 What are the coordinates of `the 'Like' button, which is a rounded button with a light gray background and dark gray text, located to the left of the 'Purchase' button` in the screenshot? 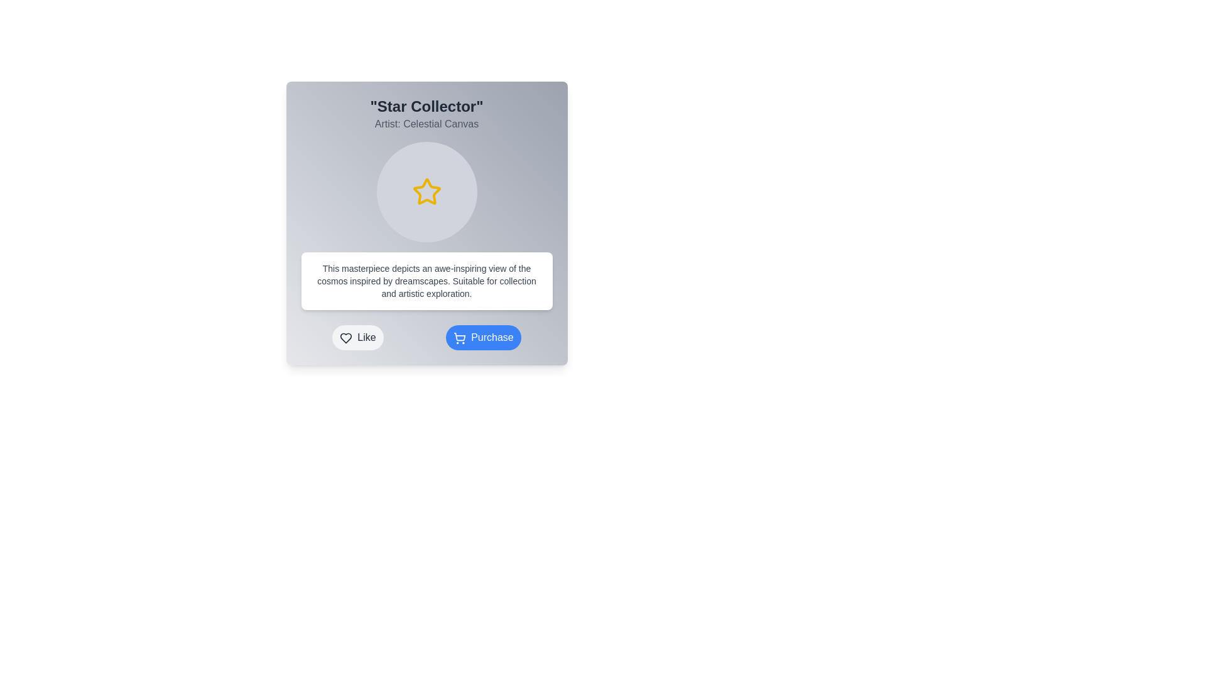 It's located at (357, 336).